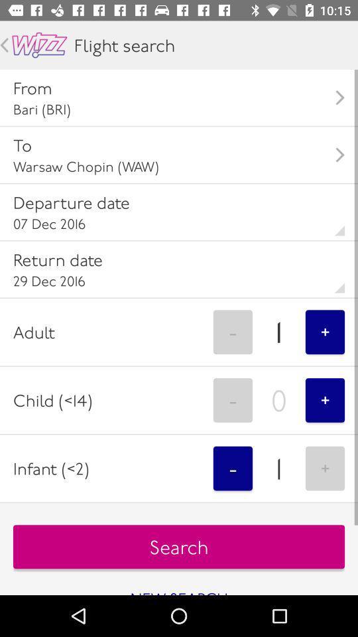  Describe the element at coordinates (3, 45) in the screenshot. I see `back` at that location.